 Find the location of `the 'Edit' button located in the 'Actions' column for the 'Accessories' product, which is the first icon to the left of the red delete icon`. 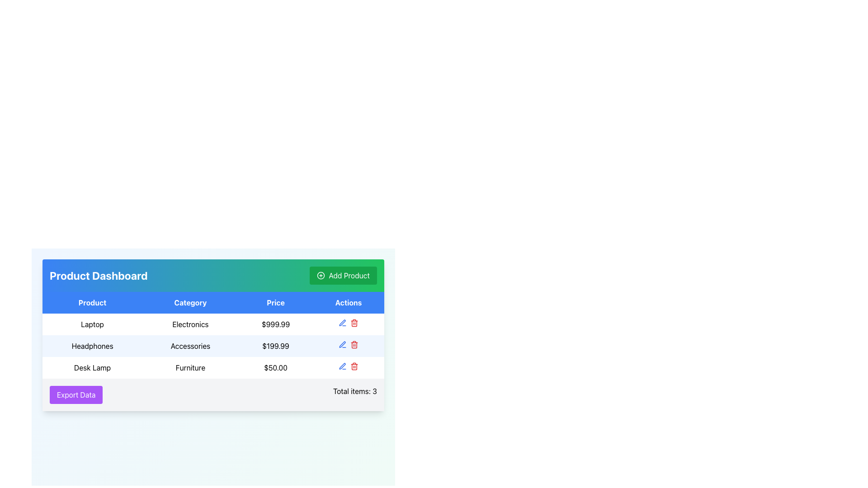

the 'Edit' button located in the 'Actions' column for the 'Accessories' product, which is the first icon to the left of the red delete icon is located at coordinates (342, 345).